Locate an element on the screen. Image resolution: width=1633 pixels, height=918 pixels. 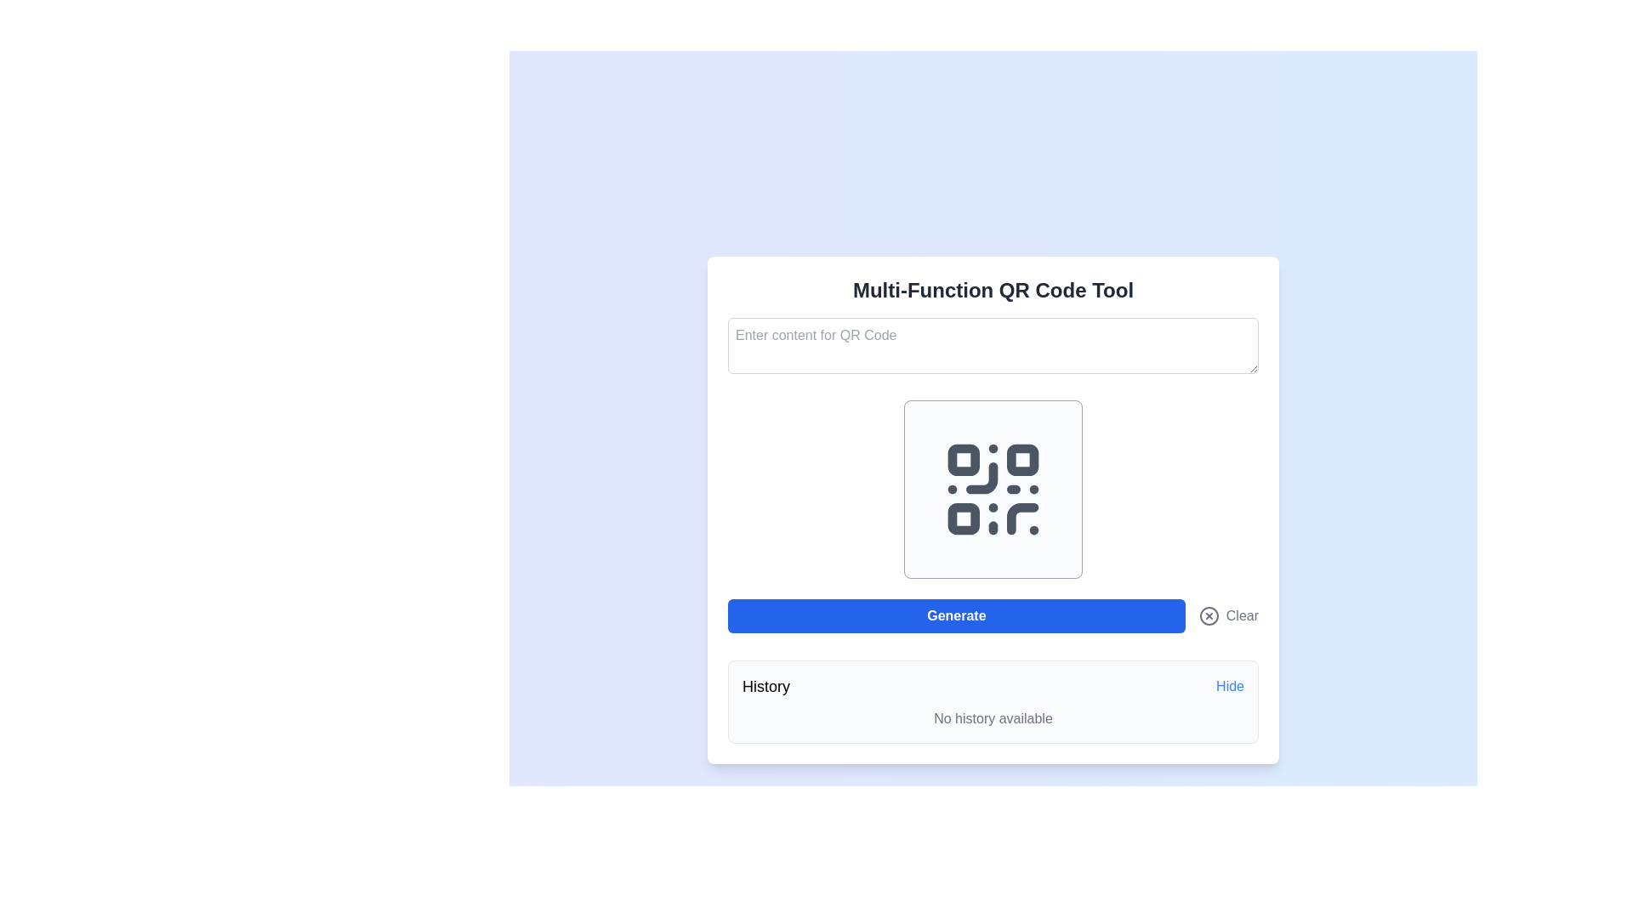
the 'Hide' hyperlink-style button located in the bottom-right corner of the 'History' section is located at coordinates (1230, 685).